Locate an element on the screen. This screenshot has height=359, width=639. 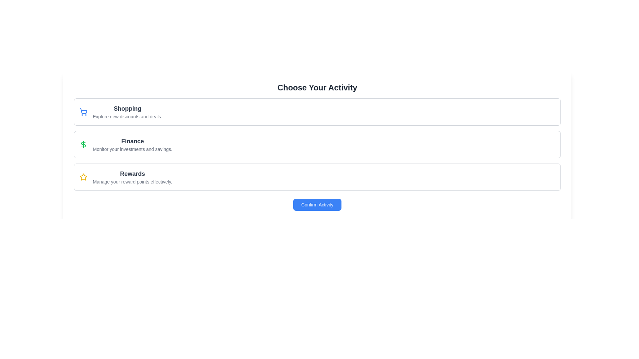
the second selectable card in the 'Choose Your Activity' menu is located at coordinates (317, 144).